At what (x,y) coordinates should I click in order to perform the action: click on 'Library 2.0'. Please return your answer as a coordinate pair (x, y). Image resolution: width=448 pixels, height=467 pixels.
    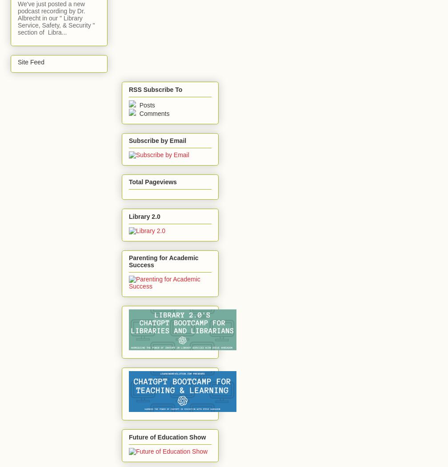
    Looking at the image, I should click on (144, 215).